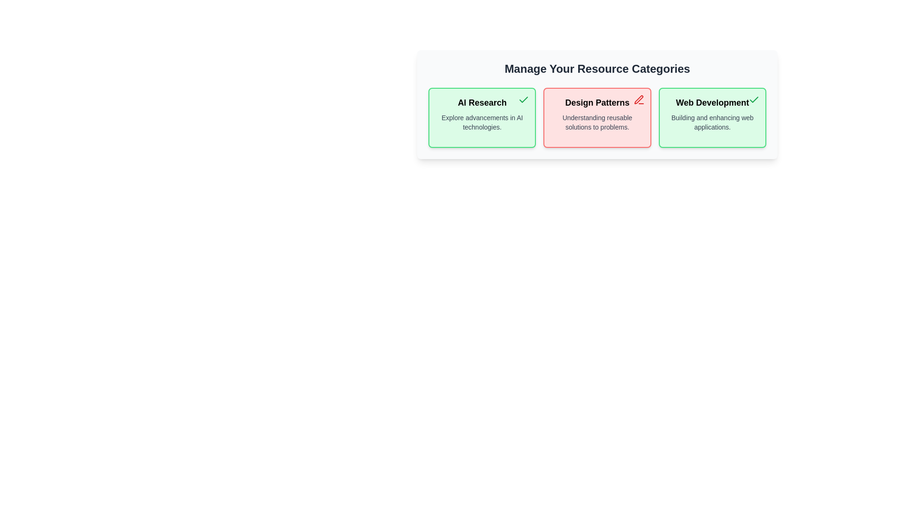 This screenshot has height=507, width=901. Describe the element at coordinates (482, 103) in the screenshot. I see `the text of the category name or description for AI Research` at that location.